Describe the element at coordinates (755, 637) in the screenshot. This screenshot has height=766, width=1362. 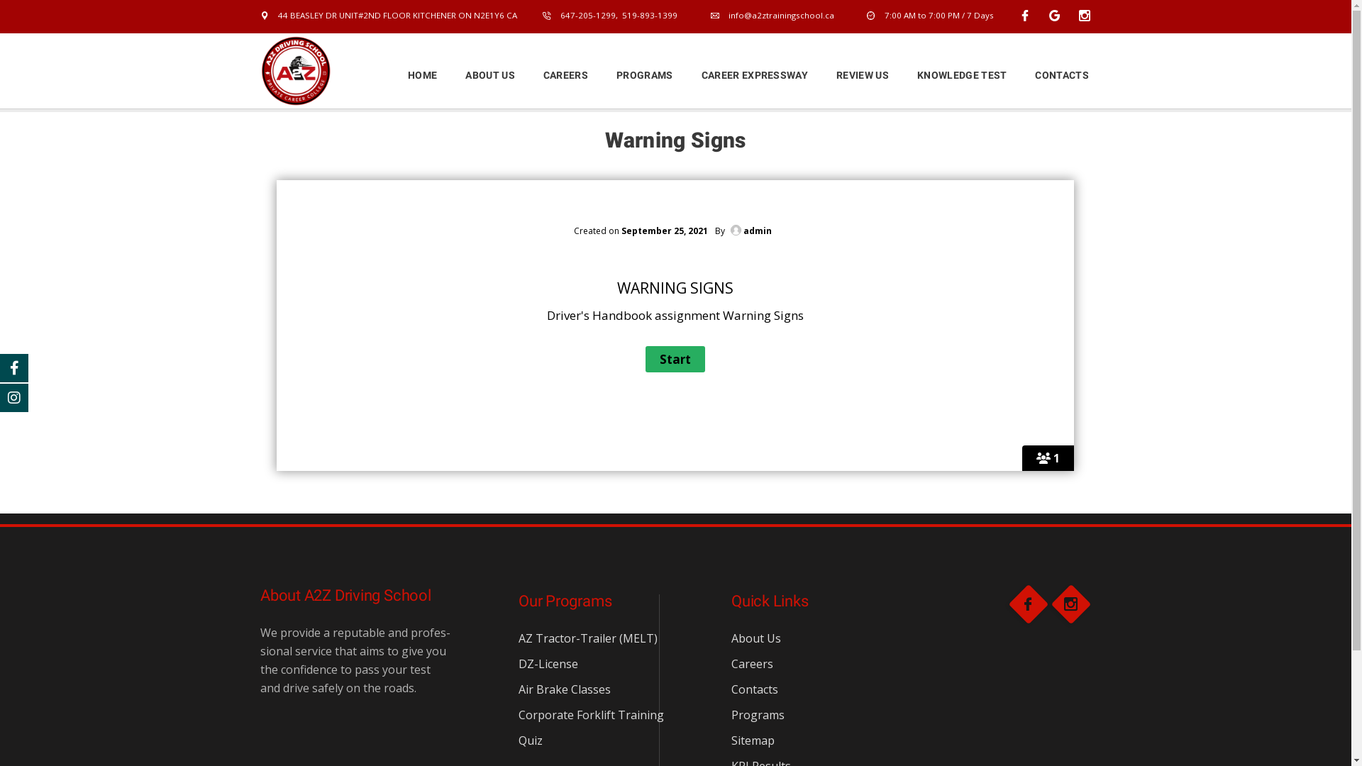
I see `'About Us'` at that location.